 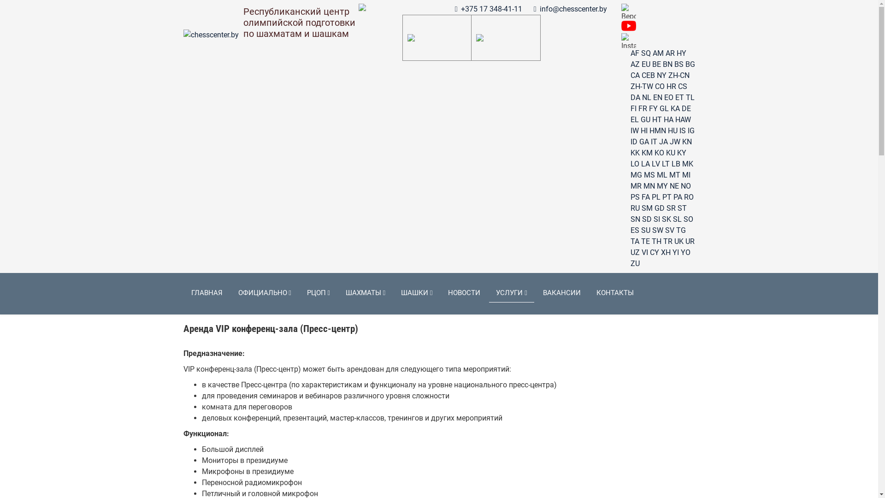 What do you see at coordinates (672, 130) in the screenshot?
I see `'HU'` at bounding box center [672, 130].